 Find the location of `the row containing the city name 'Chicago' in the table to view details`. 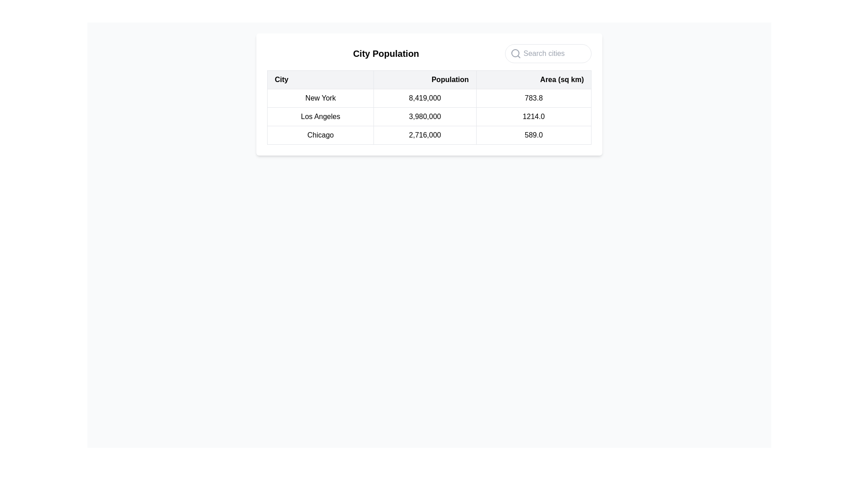

the row containing the city name 'Chicago' in the table to view details is located at coordinates (320, 135).